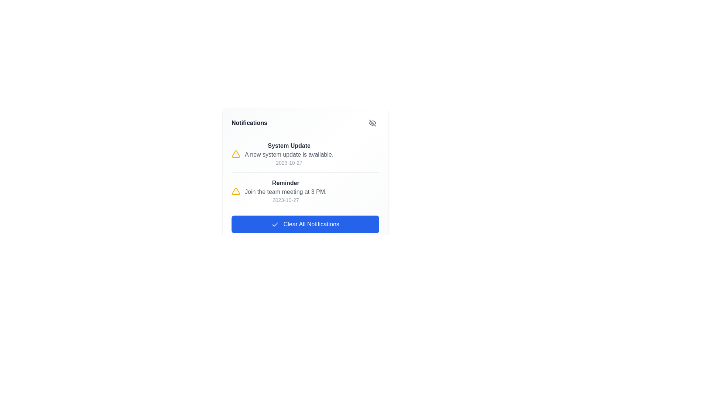 The width and height of the screenshot is (709, 398). I want to click on the second notification in the notification panel, which contains a yellow triangular alert icon, a bold 'Reminder' title, and the description 'Join the team meeting at 3 PM', so click(305, 191).